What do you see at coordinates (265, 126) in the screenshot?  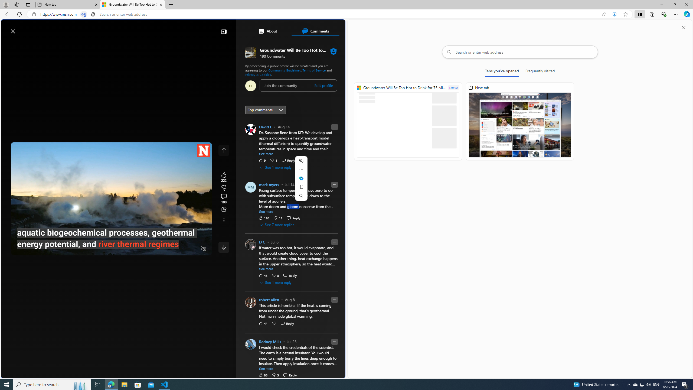 I see `'David E'` at bounding box center [265, 126].